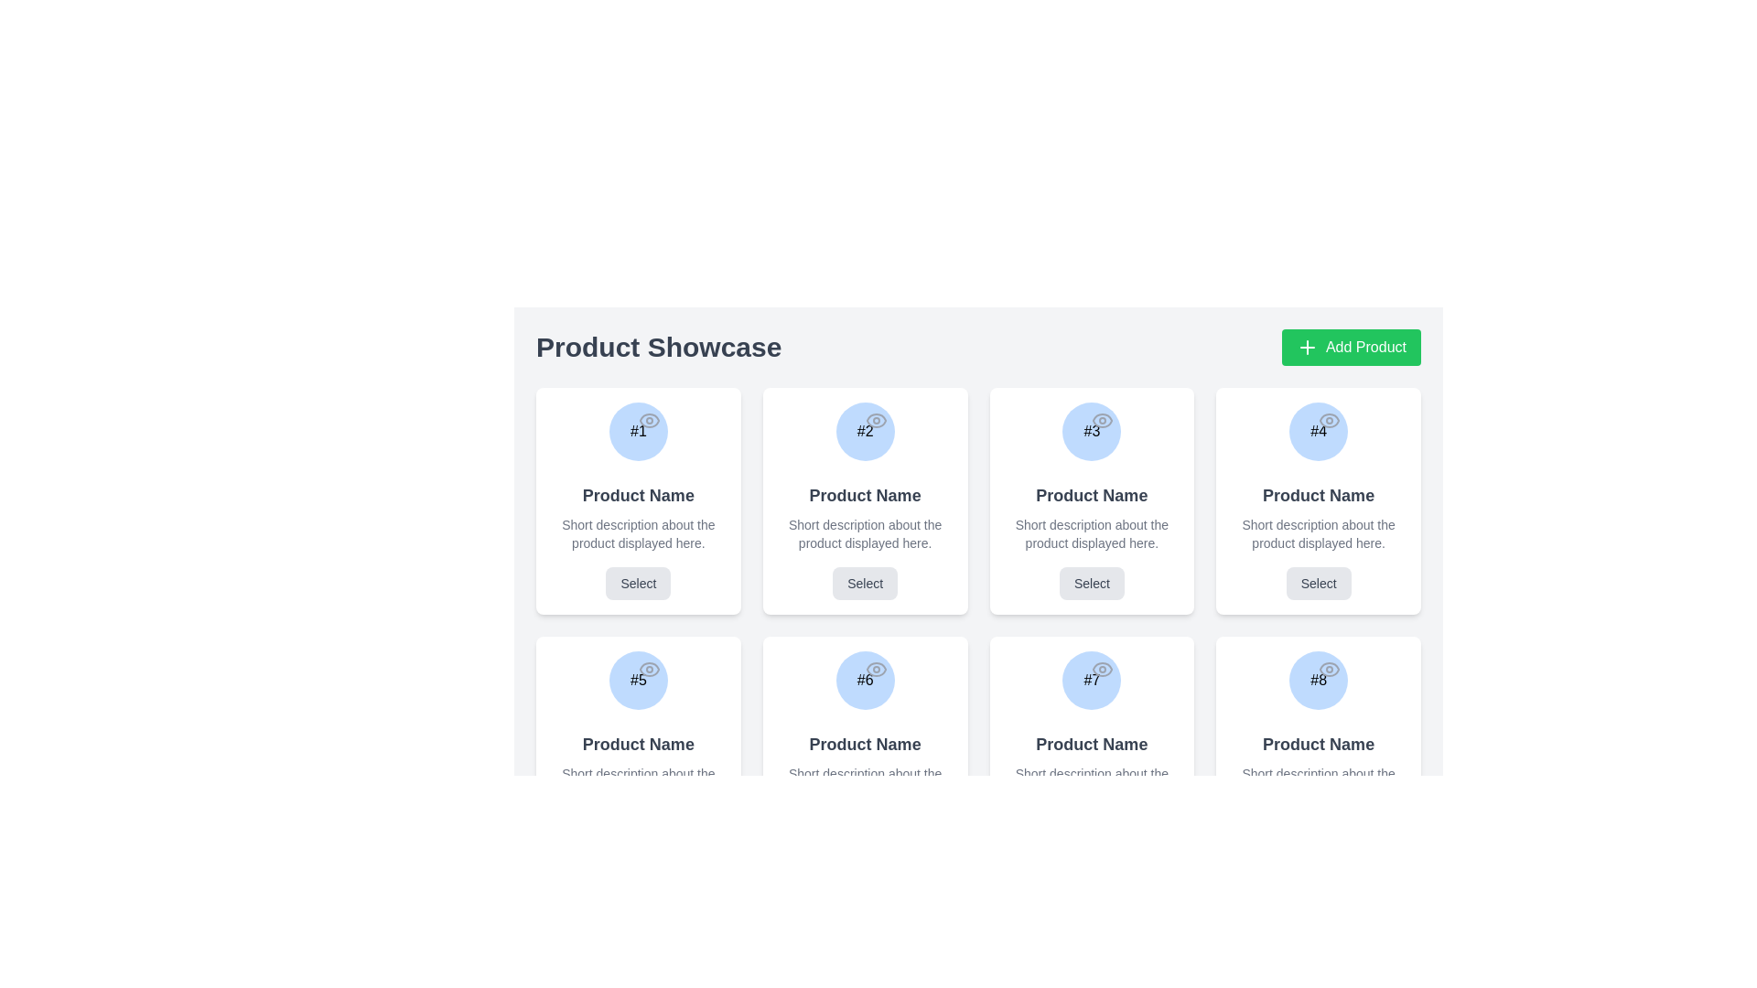 The width and height of the screenshot is (1757, 988). Describe the element at coordinates (638, 681) in the screenshot. I see `the circular badge with the text '#5' and eye icon to associate context with the displayed number` at that location.